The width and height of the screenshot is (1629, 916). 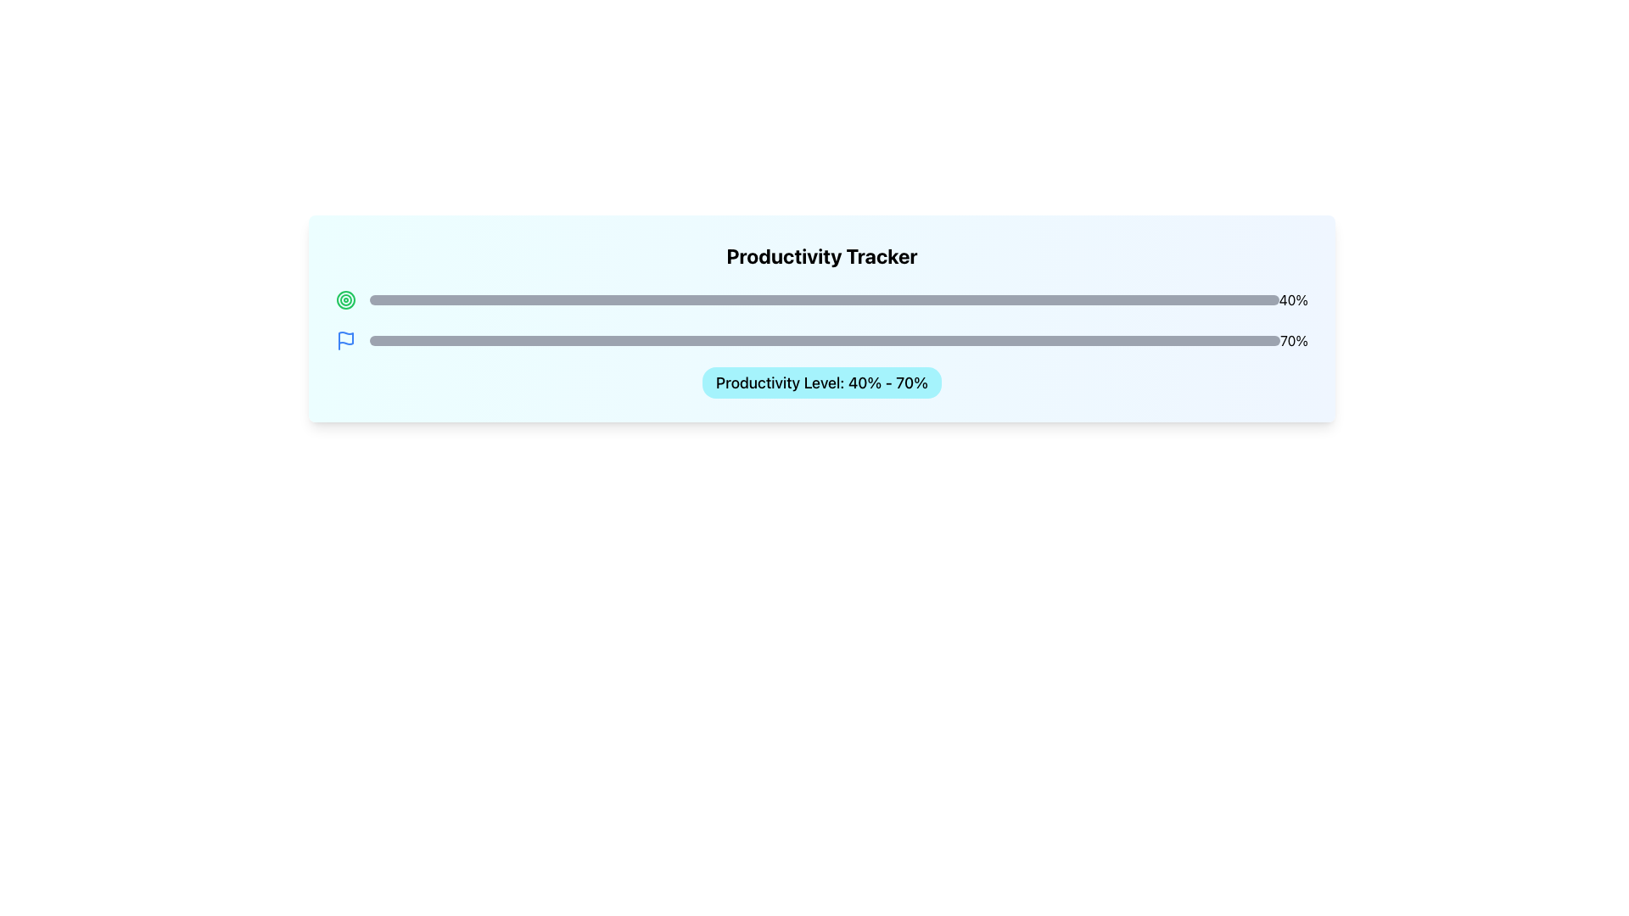 I want to click on the productivity level slider, so click(x=778, y=299).